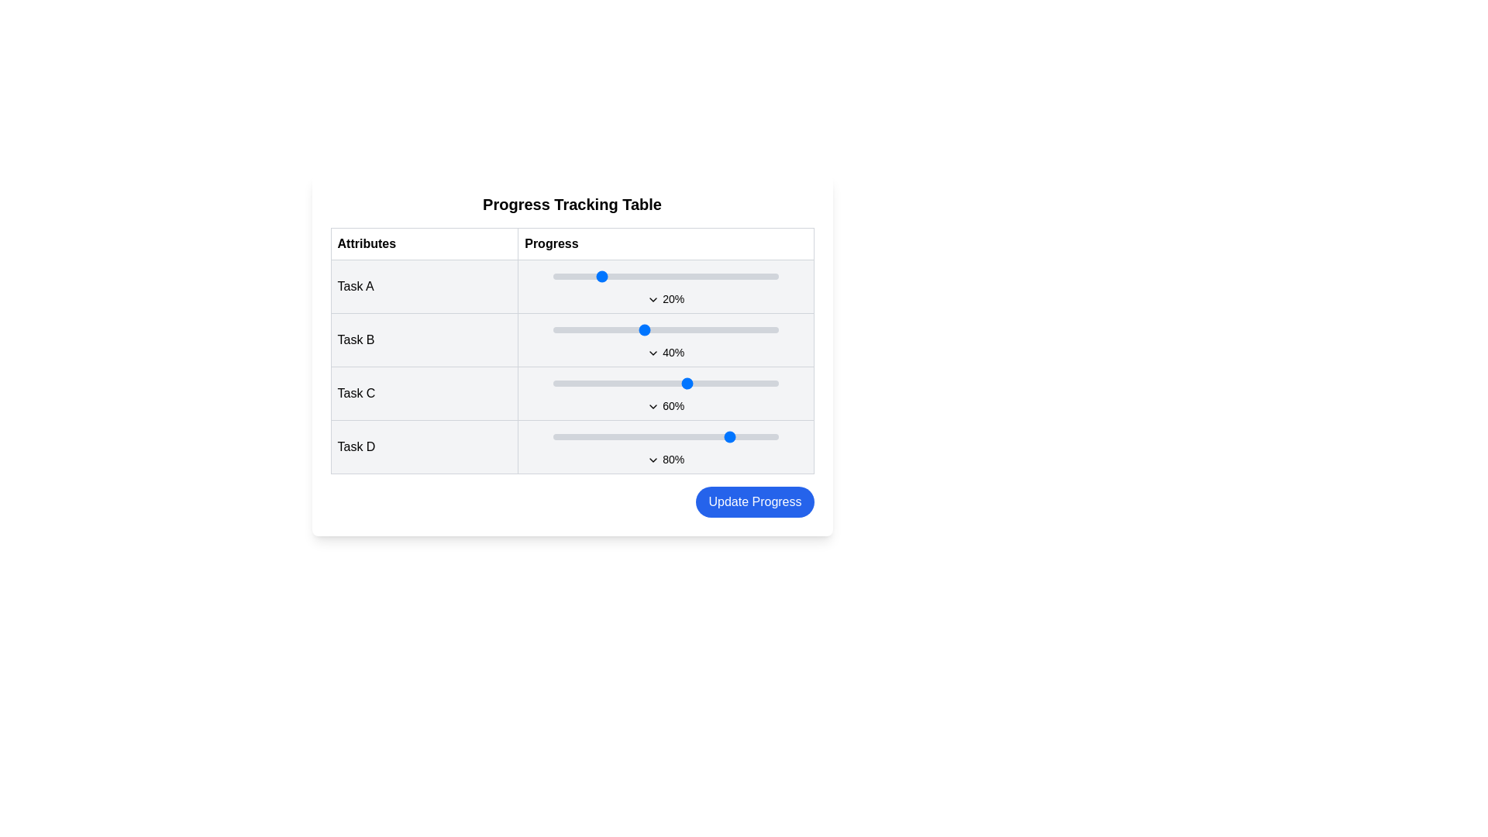 The height and width of the screenshot is (837, 1488). What do you see at coordinates (570, 436) in the screenshot?
I see `the Task D progress value` at bounding box center [570, 436].